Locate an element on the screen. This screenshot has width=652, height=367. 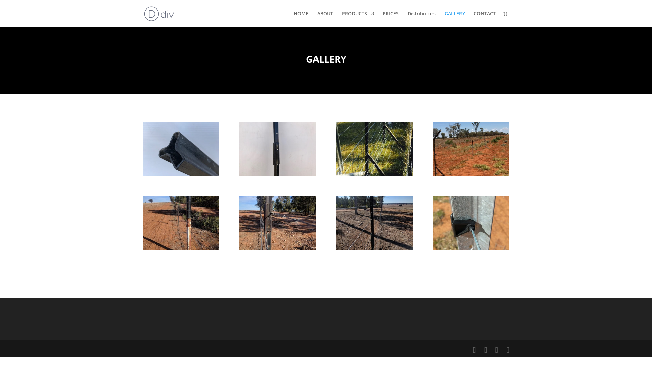
'Distributors' is located at coordinates (421, 19).